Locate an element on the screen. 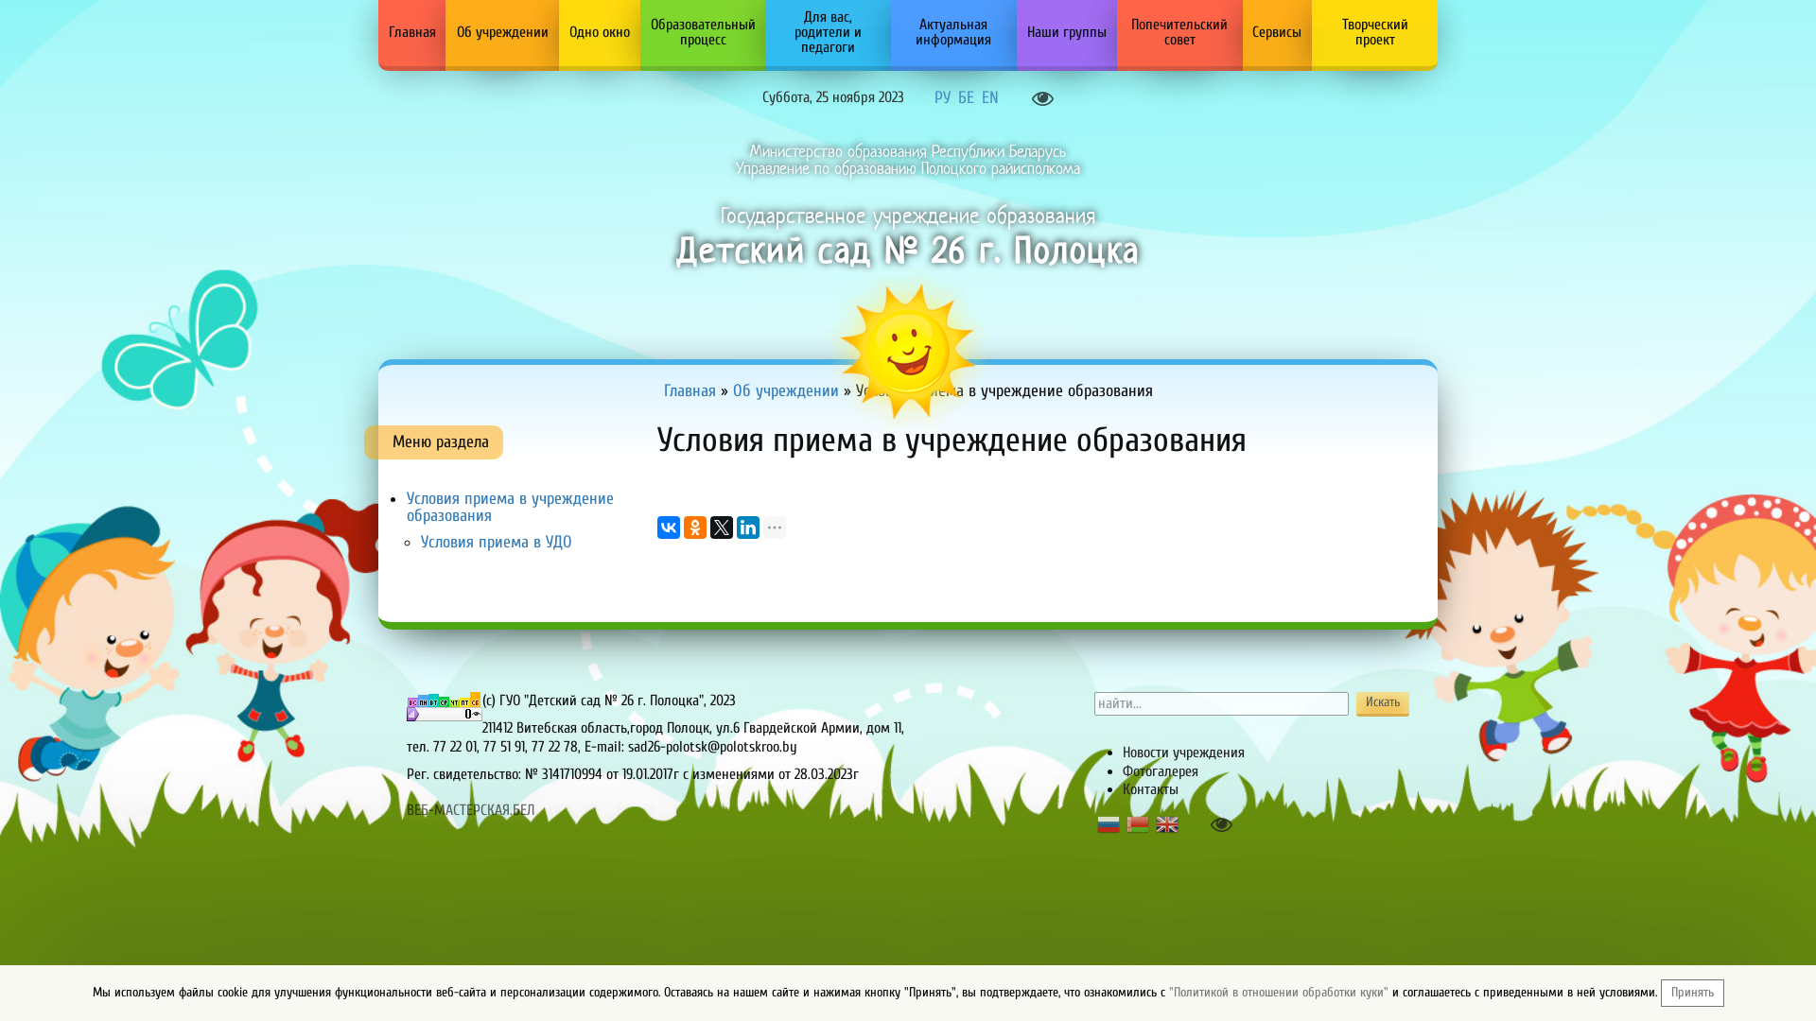 This screenshot has width=1816, height=1021. 'LinkedIn' is located at coordinates (735, 528).